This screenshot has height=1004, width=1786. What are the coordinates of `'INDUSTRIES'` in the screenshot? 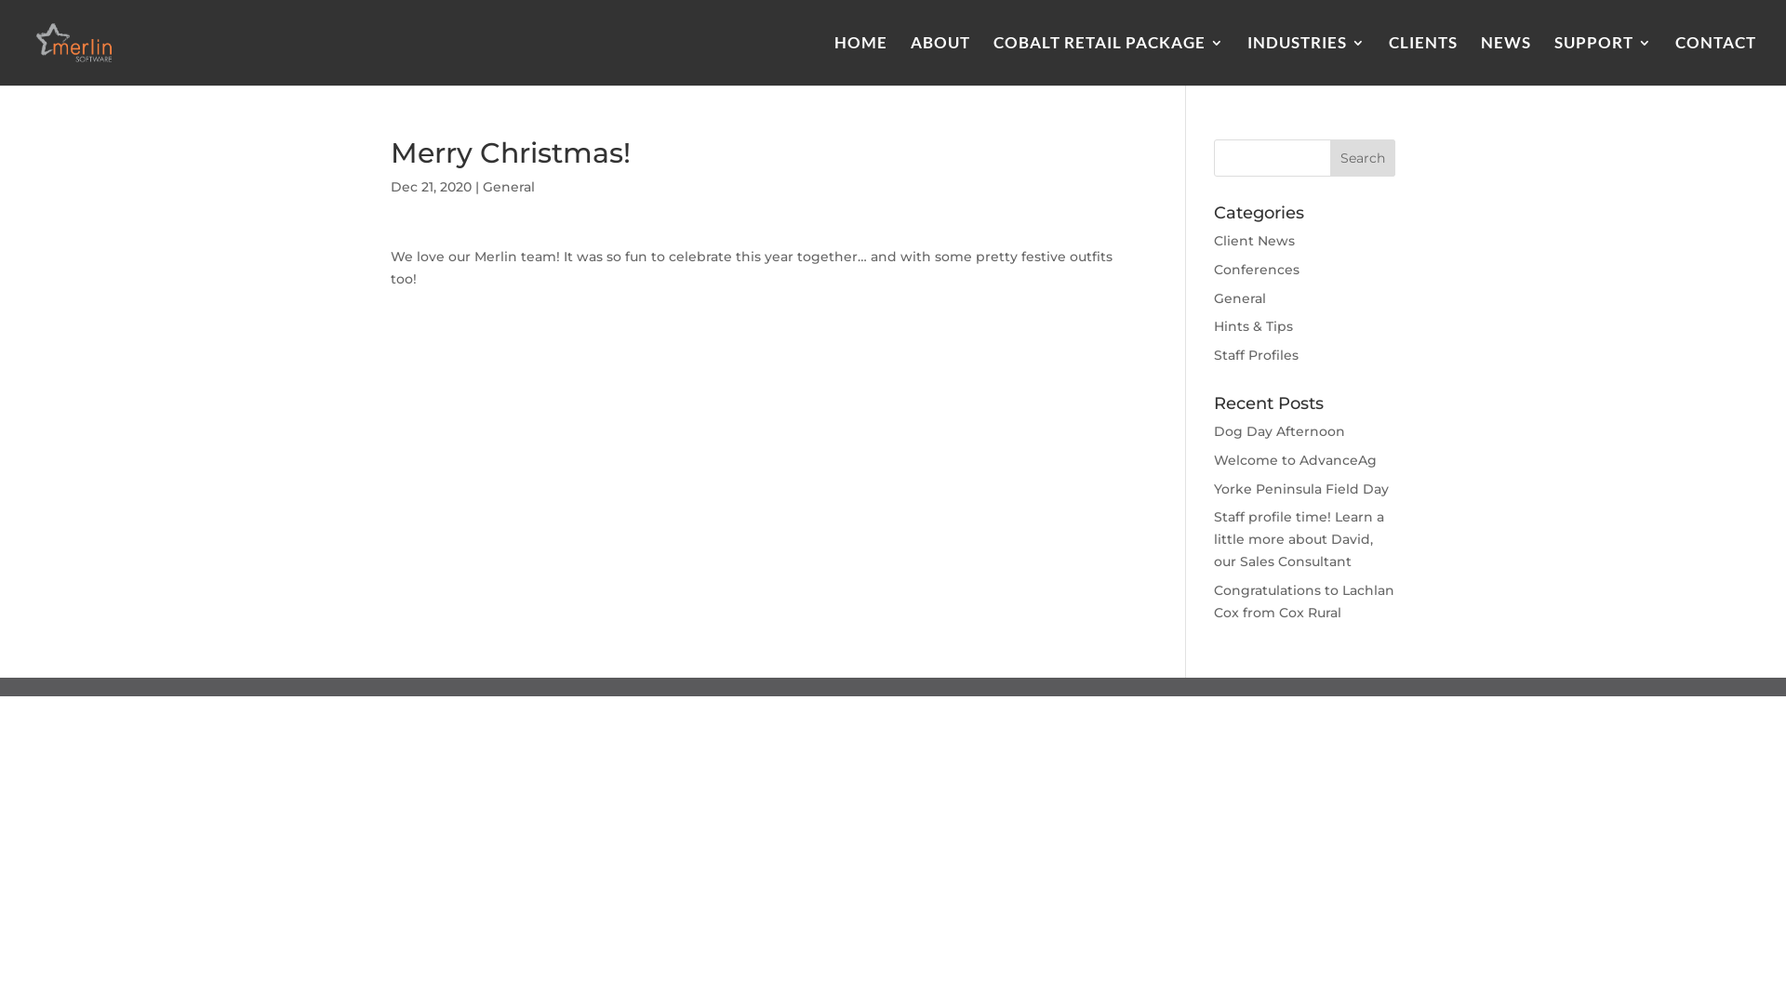 It's located at (1246, 59).